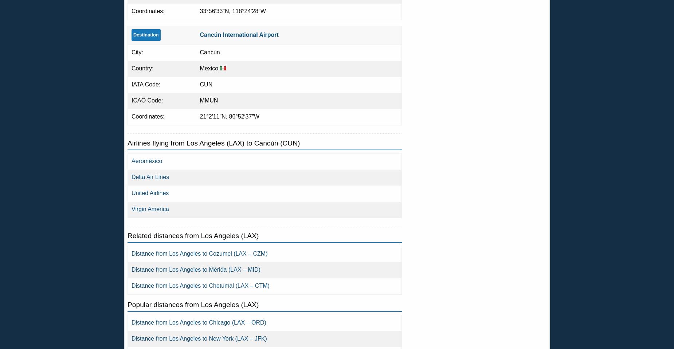 This screenshot has width=674, height=349. I want to click on 'ICAO Code:', so click(147, 100).